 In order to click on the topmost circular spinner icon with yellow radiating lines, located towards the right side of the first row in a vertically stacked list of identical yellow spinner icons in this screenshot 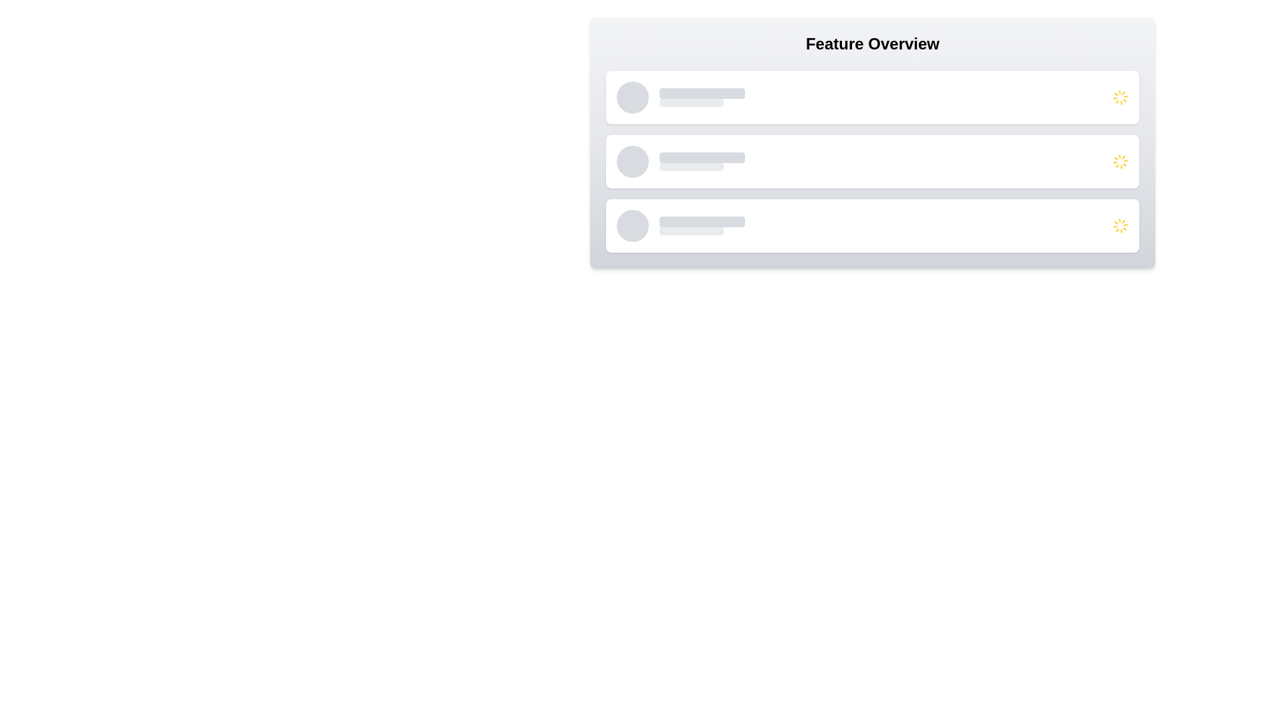, I will do `click(1120, 97)`.